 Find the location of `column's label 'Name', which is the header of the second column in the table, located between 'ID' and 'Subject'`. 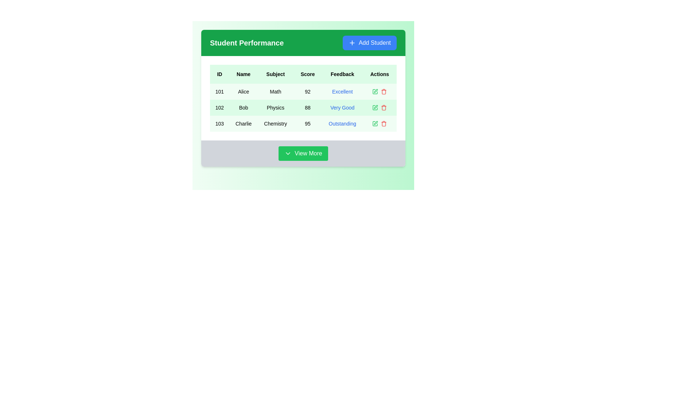

column's label 'Name', which is the header of the second column in the table, located between 'ID' and 'Subject' is located at coordinates (244, 74).